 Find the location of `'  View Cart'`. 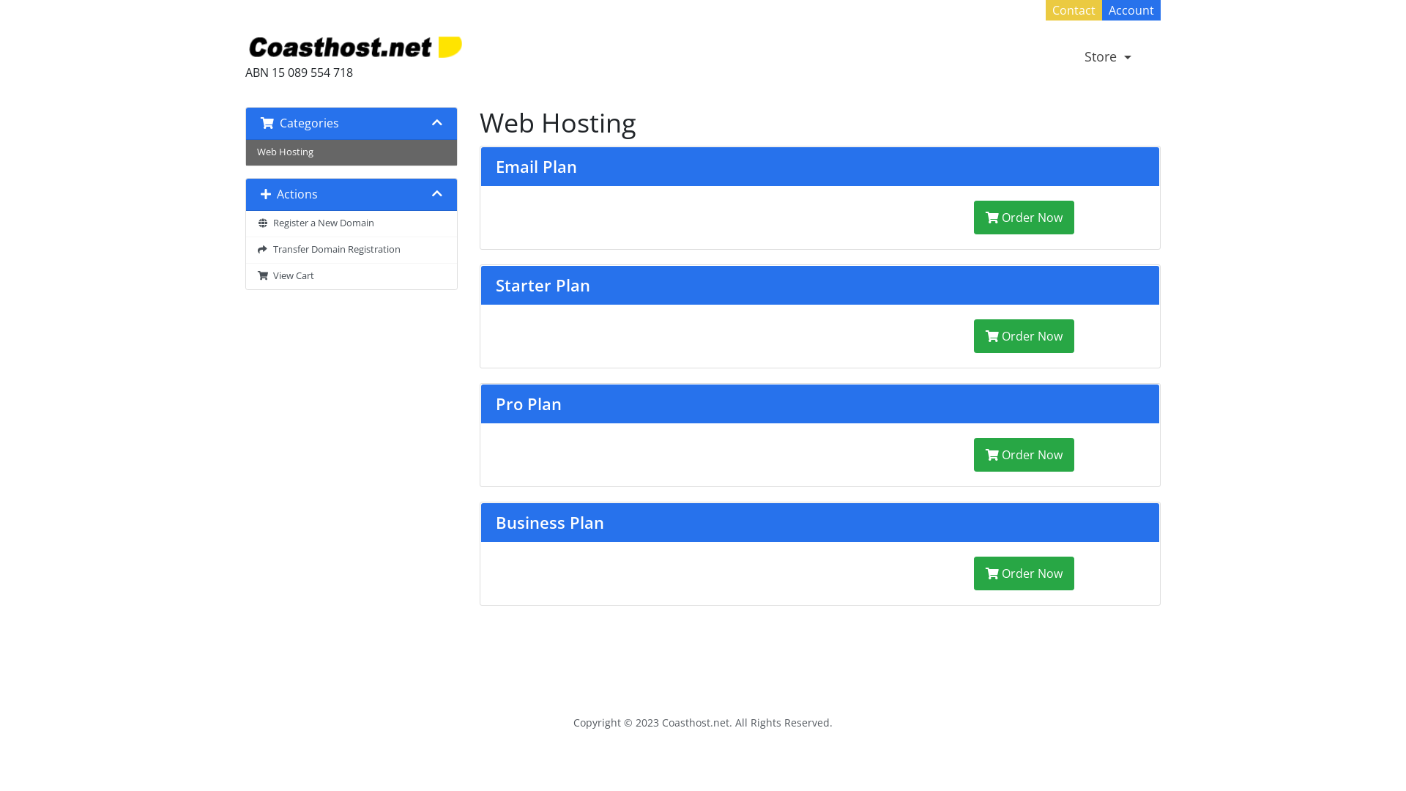

'  View Cart' is located at coordinates (351, 276).